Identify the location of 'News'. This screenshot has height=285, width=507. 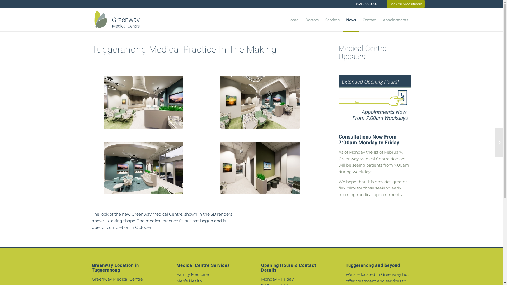
(351, 19).